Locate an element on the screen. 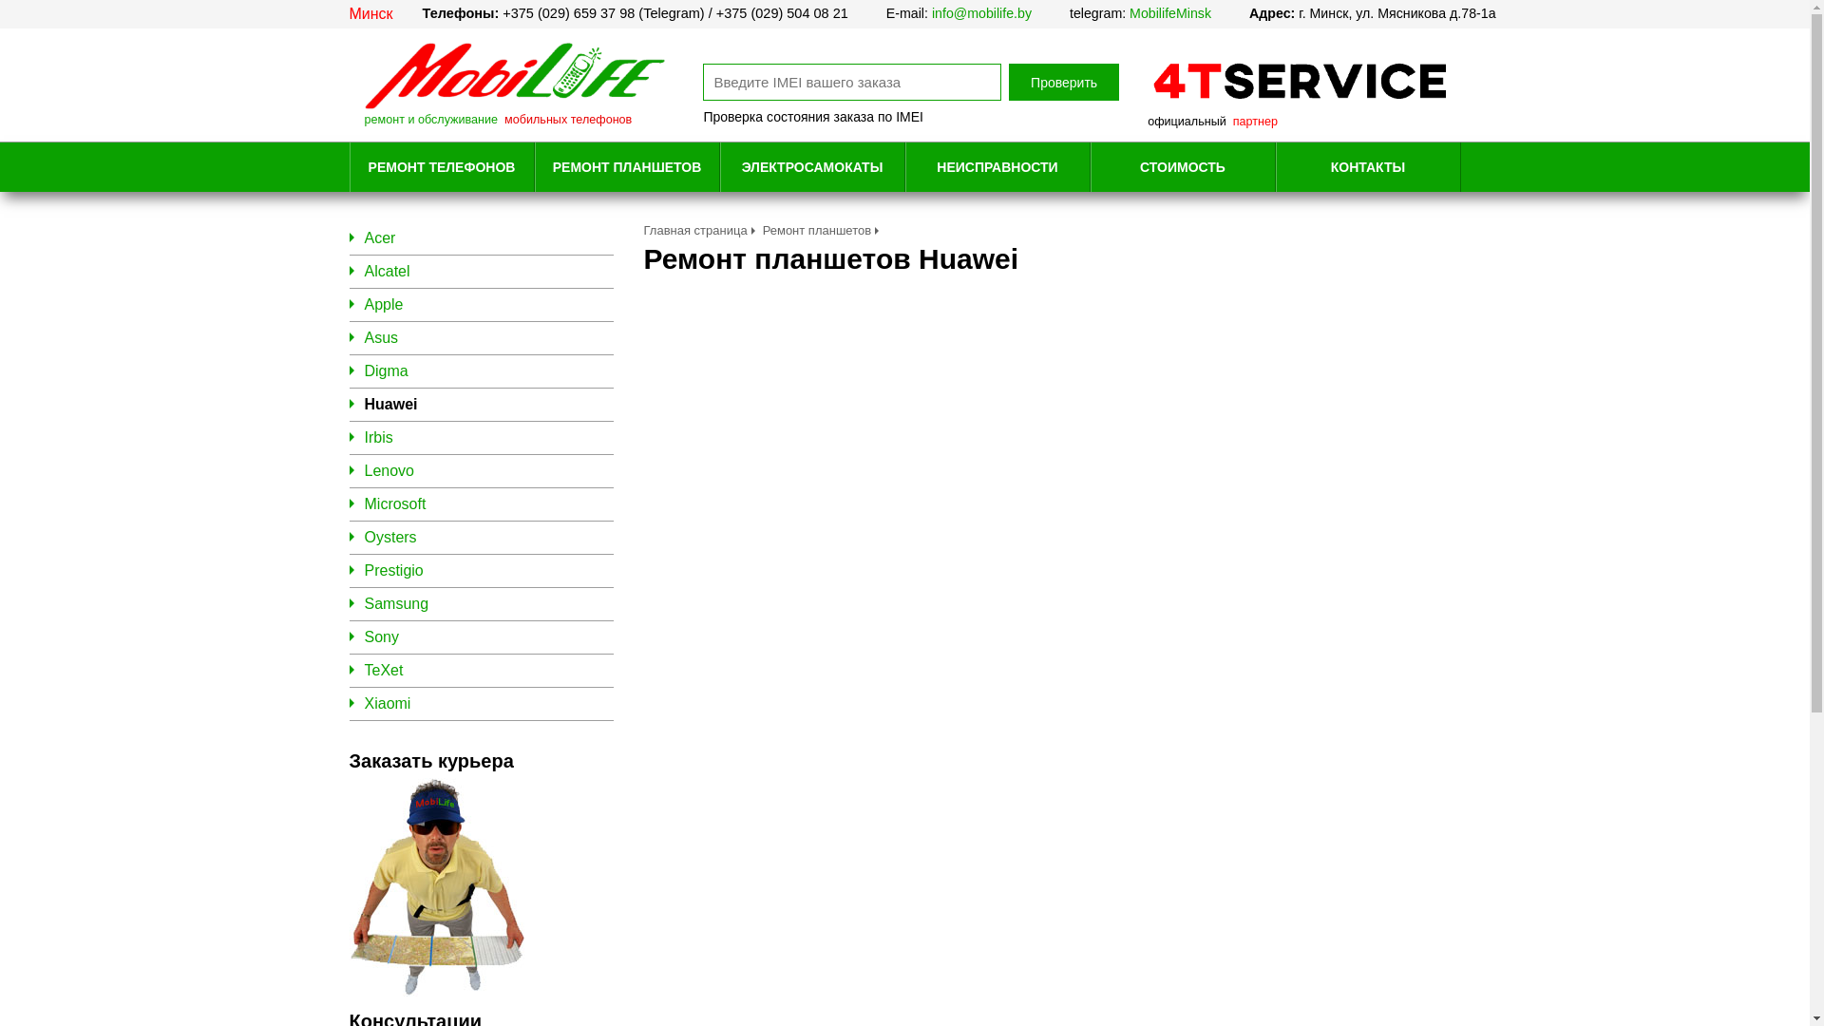 Image resolution: width=1824 pixels, height=1026 pixels. 'MobilifeMinsk' is located at coordinates (1169, 13).